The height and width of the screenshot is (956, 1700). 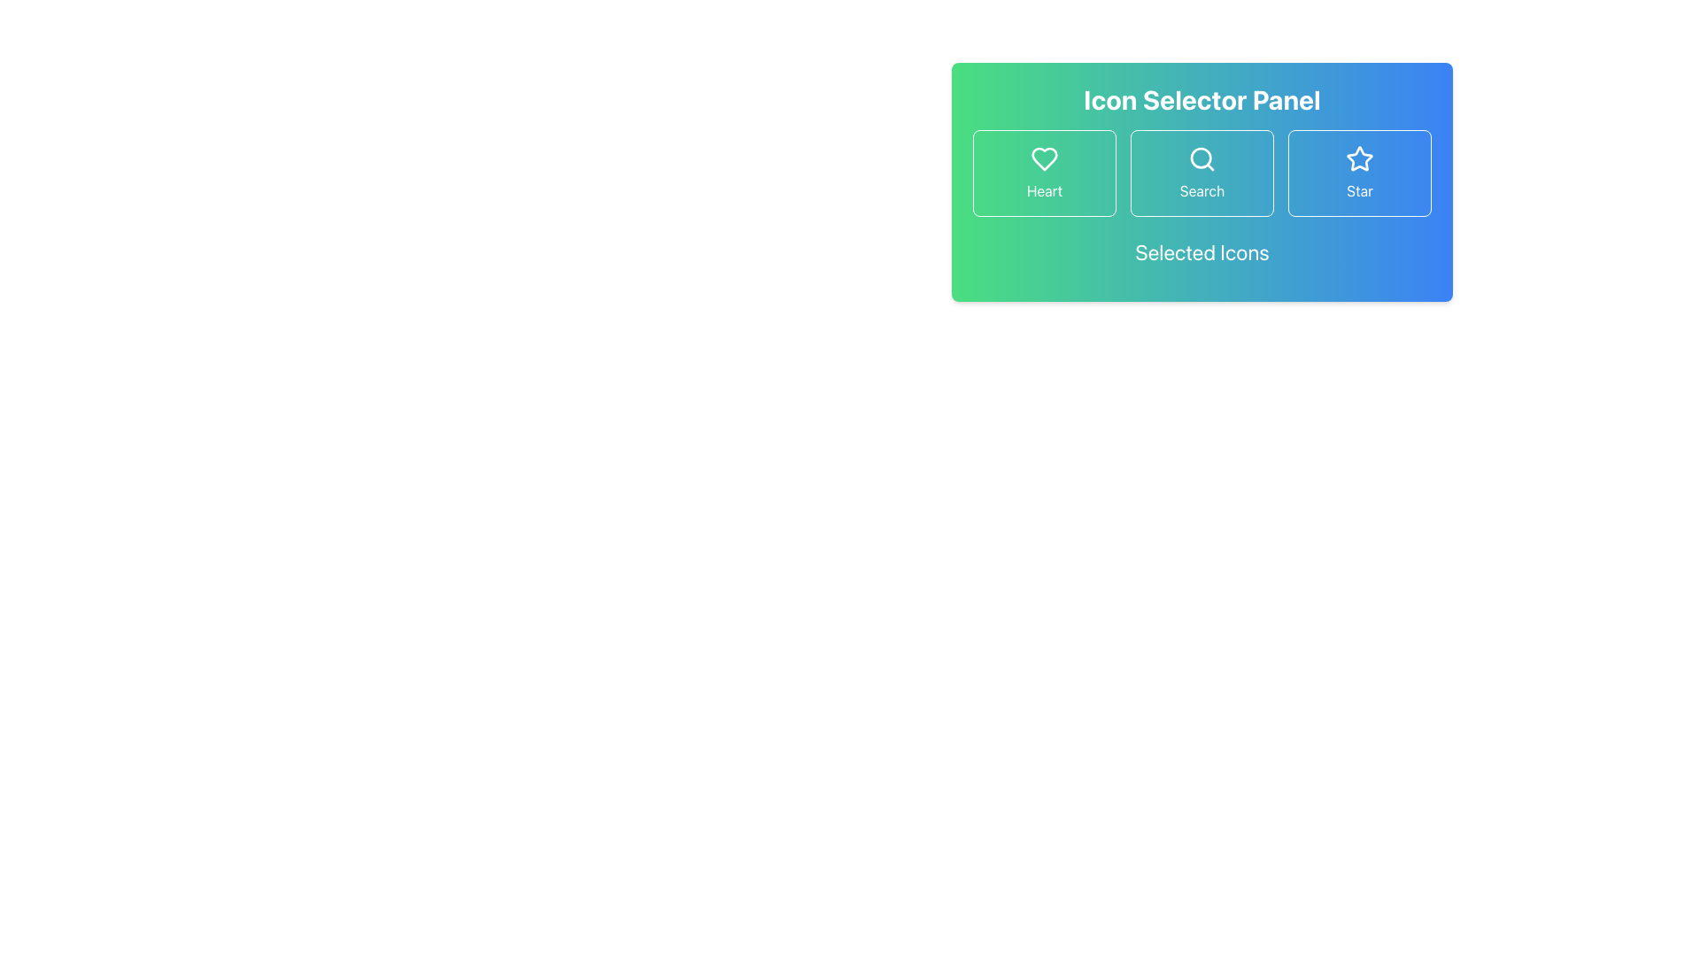 I want to click on the Heart graphic icon located in the first button of the Icon Selector Panel, so click(x=1045, y=159).